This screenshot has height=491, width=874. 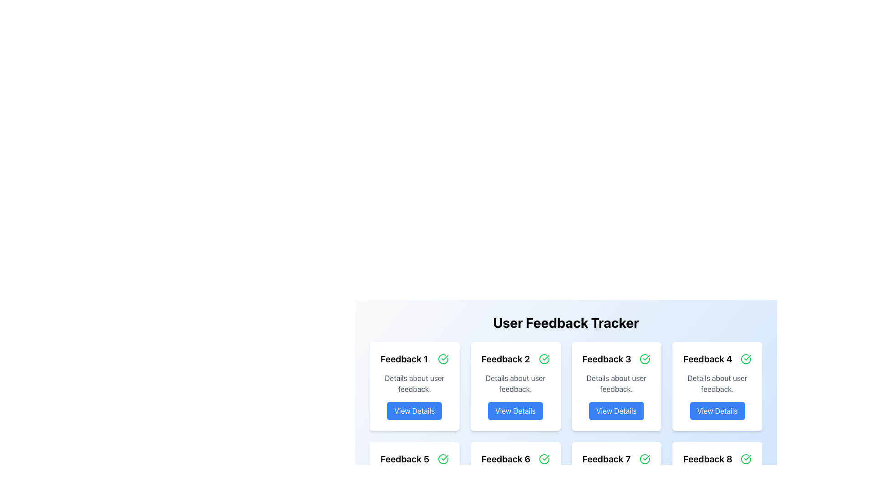 What do you see at coordinates (717, 386) in the screenshot?
I see `the card titled 'Feedback 4' which is the last card in the first row of a 4-column grid layout, featuring a green check icon and a blue button labeled 'View Details'` at bounding box center [717, 386].